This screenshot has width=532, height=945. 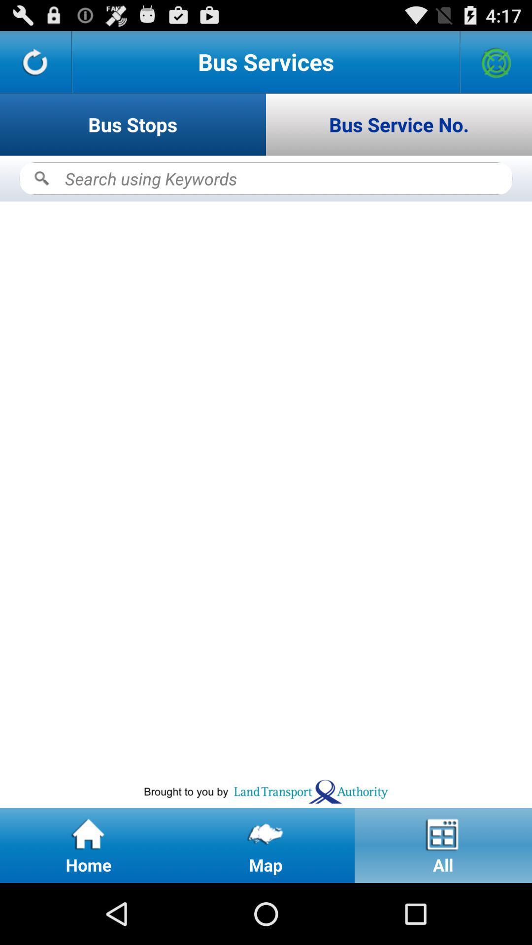 I want to click on search bus stops, so click(x=266, y=179).